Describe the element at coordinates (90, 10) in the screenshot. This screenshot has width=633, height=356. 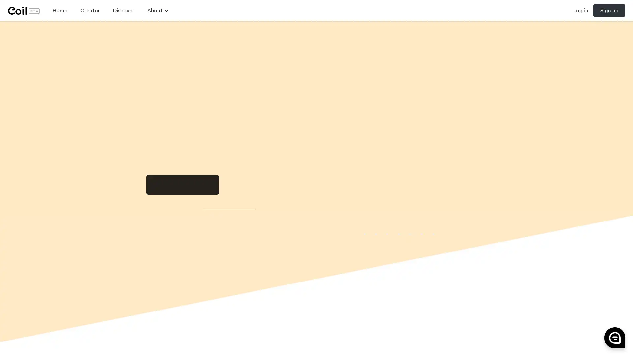
I see `Creator` at that location.